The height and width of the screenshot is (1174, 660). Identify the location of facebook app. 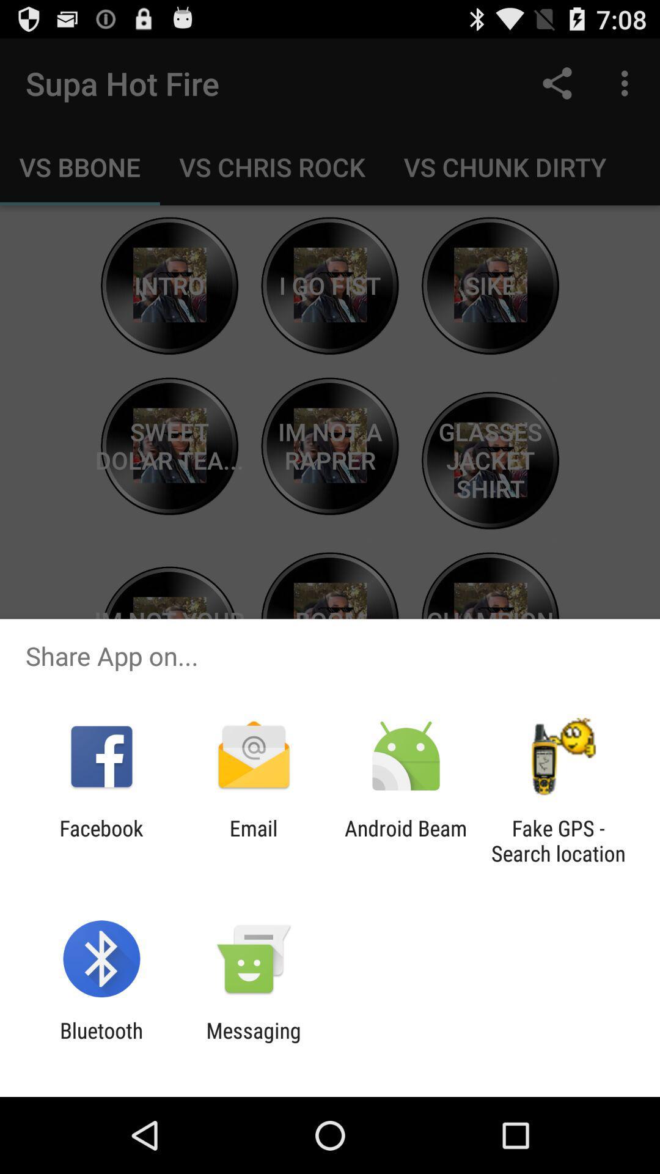
(101, 840).